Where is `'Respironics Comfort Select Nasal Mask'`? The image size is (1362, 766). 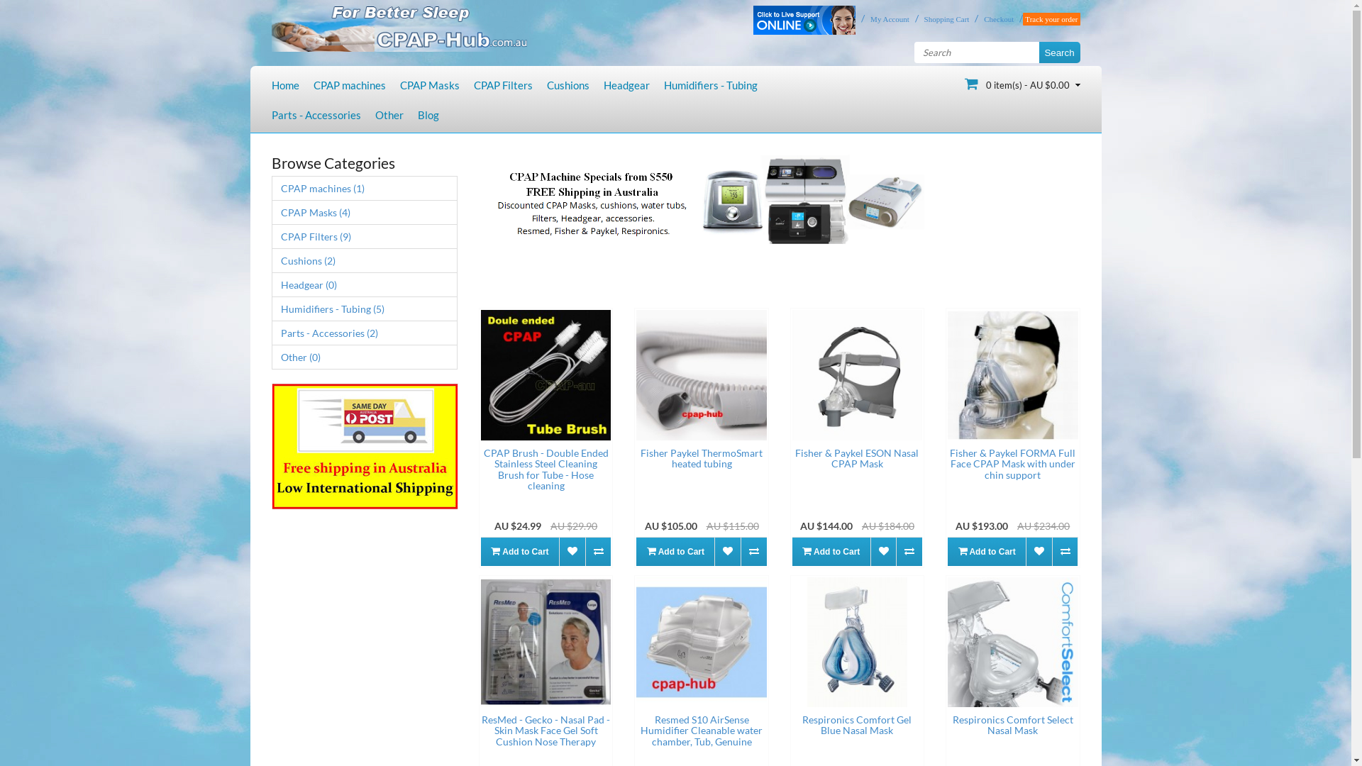 'Respironics Comfort Select Nasal Mask' is located at coordinates (1012, 642).